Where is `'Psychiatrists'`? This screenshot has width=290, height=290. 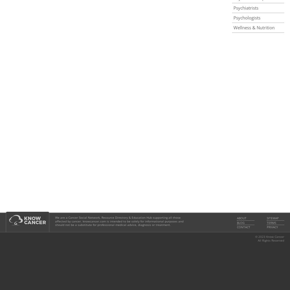
'Psychiatrists' is located at coordinates (246, 8).